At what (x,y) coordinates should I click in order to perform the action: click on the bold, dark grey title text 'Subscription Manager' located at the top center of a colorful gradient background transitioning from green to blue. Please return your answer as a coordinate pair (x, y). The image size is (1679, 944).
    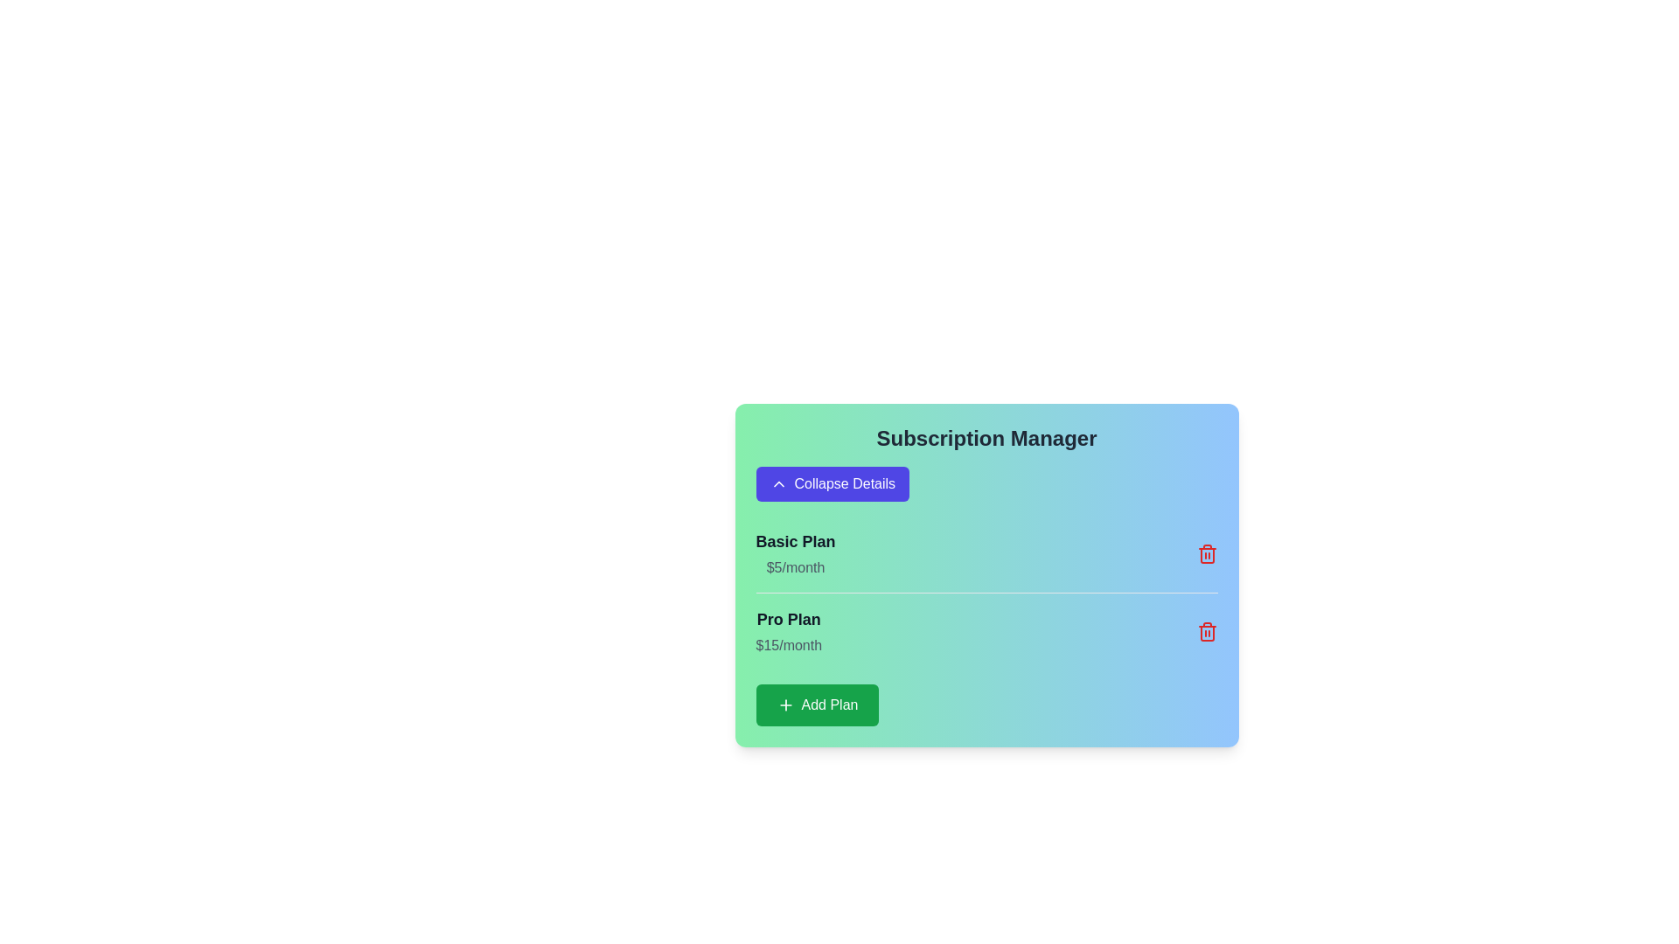
    Looking at the image, I should click on (986, 437).